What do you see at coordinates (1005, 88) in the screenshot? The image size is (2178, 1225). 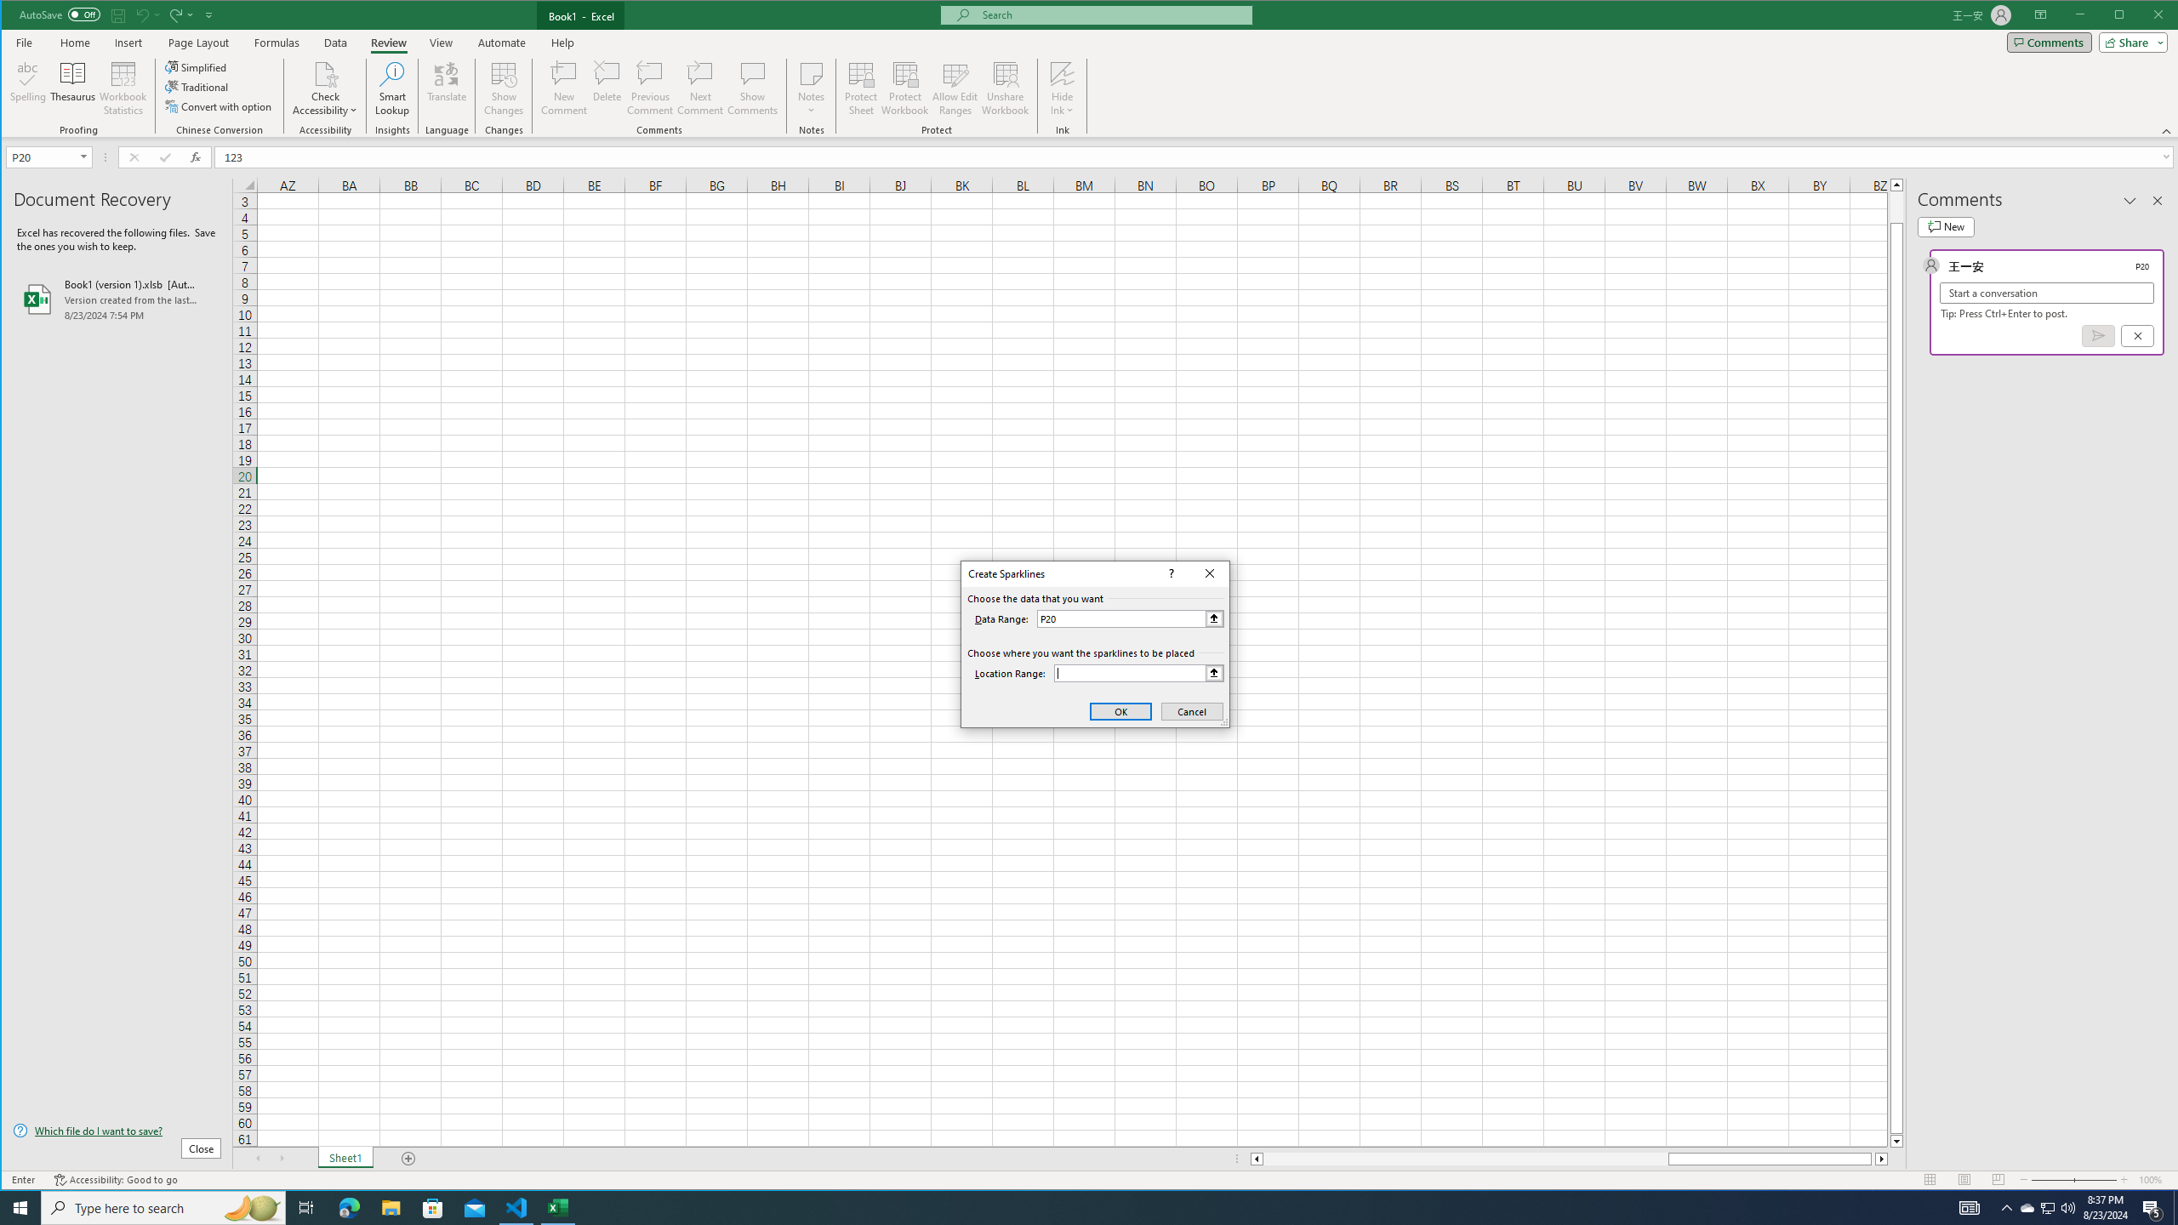 I see `'Unshare Workbook'` at bounding box center [1005, 88].